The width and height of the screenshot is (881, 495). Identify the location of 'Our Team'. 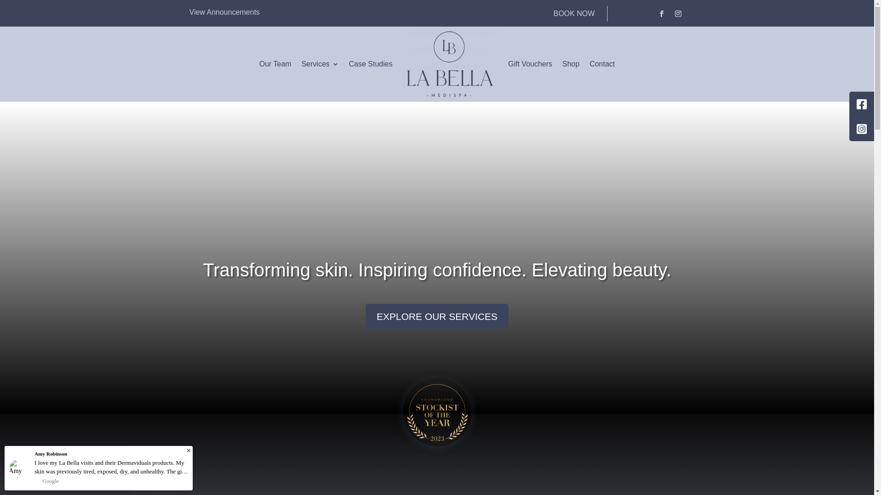
(259, 63).